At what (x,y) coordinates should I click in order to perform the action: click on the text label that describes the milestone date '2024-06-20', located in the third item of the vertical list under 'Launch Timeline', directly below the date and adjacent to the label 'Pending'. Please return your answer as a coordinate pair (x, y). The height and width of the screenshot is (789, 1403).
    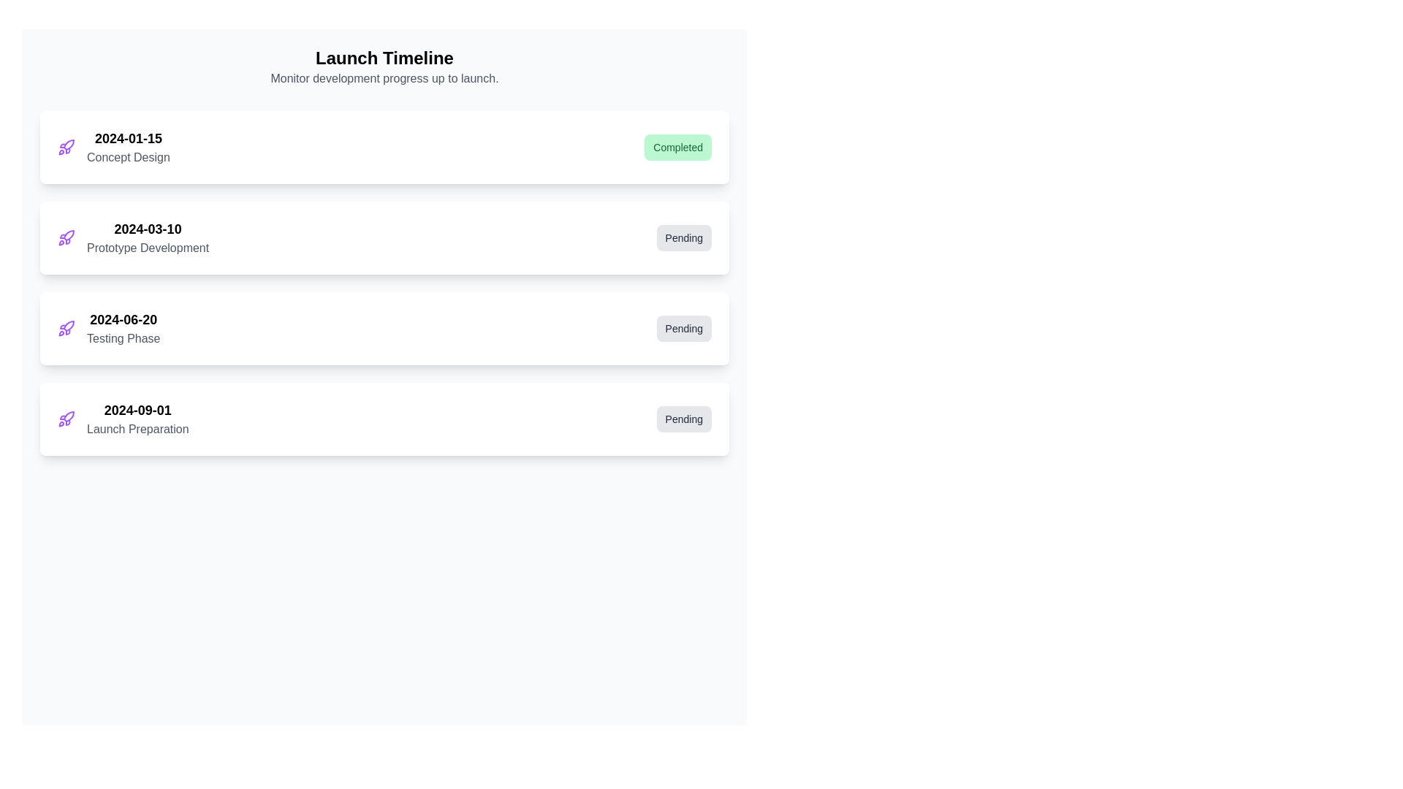
    Looking at the image, I should click on (123, 338).